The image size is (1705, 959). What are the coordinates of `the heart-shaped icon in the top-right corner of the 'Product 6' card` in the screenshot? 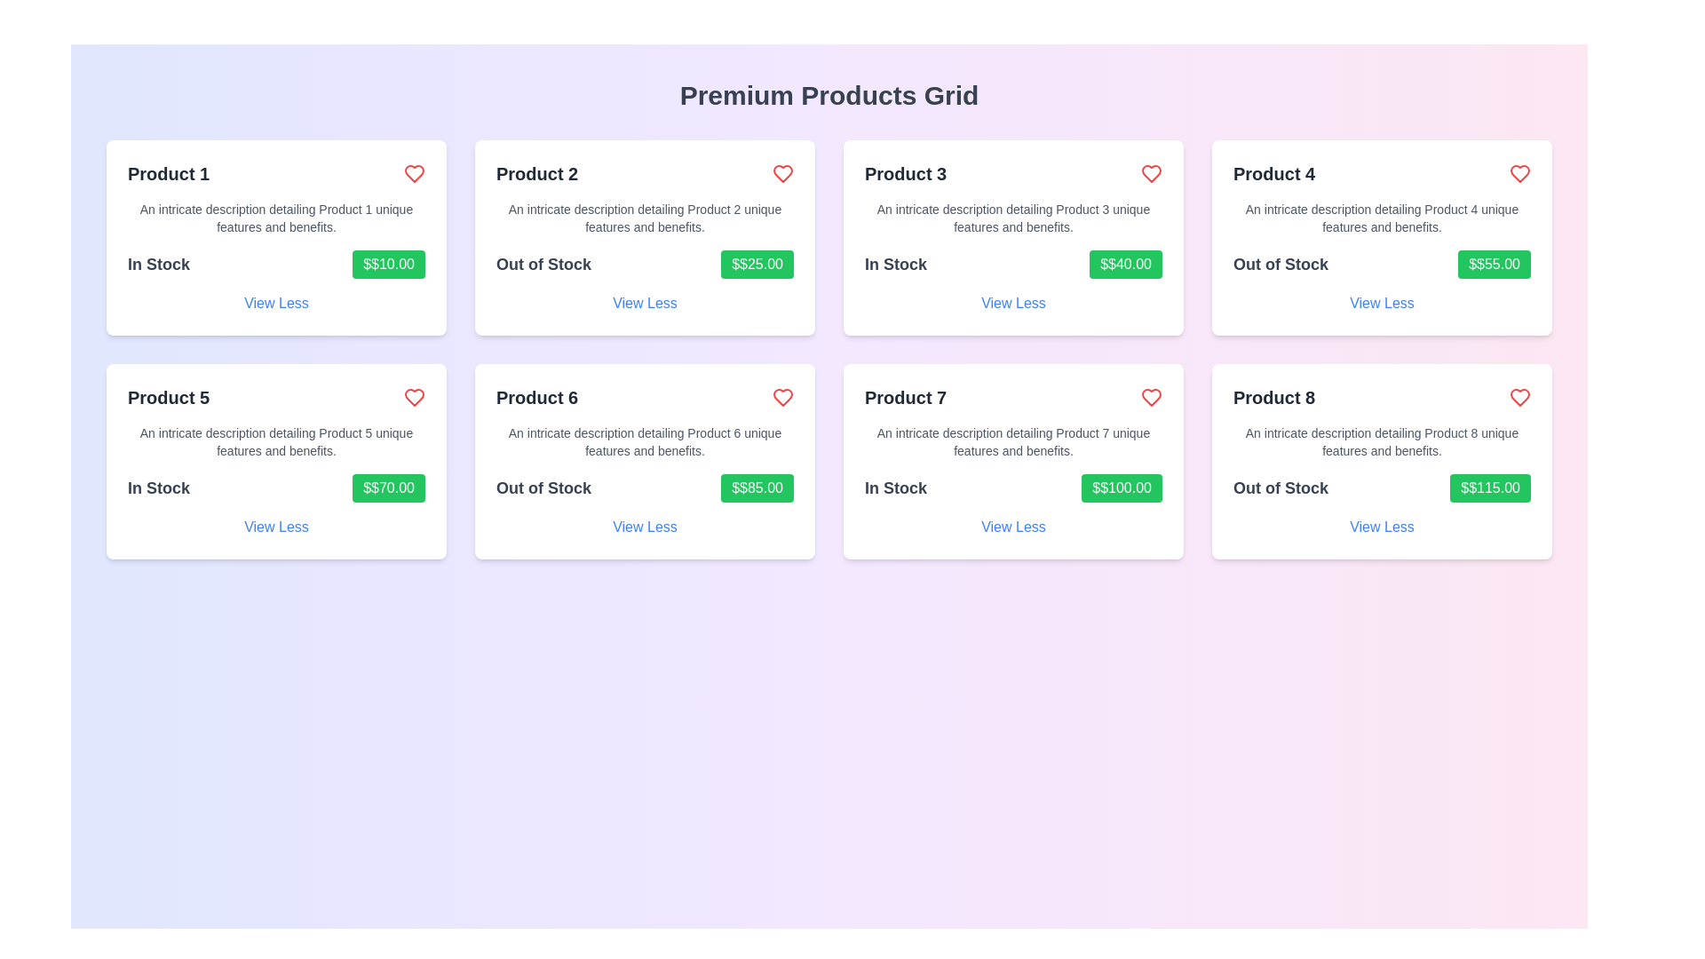 It's located at (782, 396).